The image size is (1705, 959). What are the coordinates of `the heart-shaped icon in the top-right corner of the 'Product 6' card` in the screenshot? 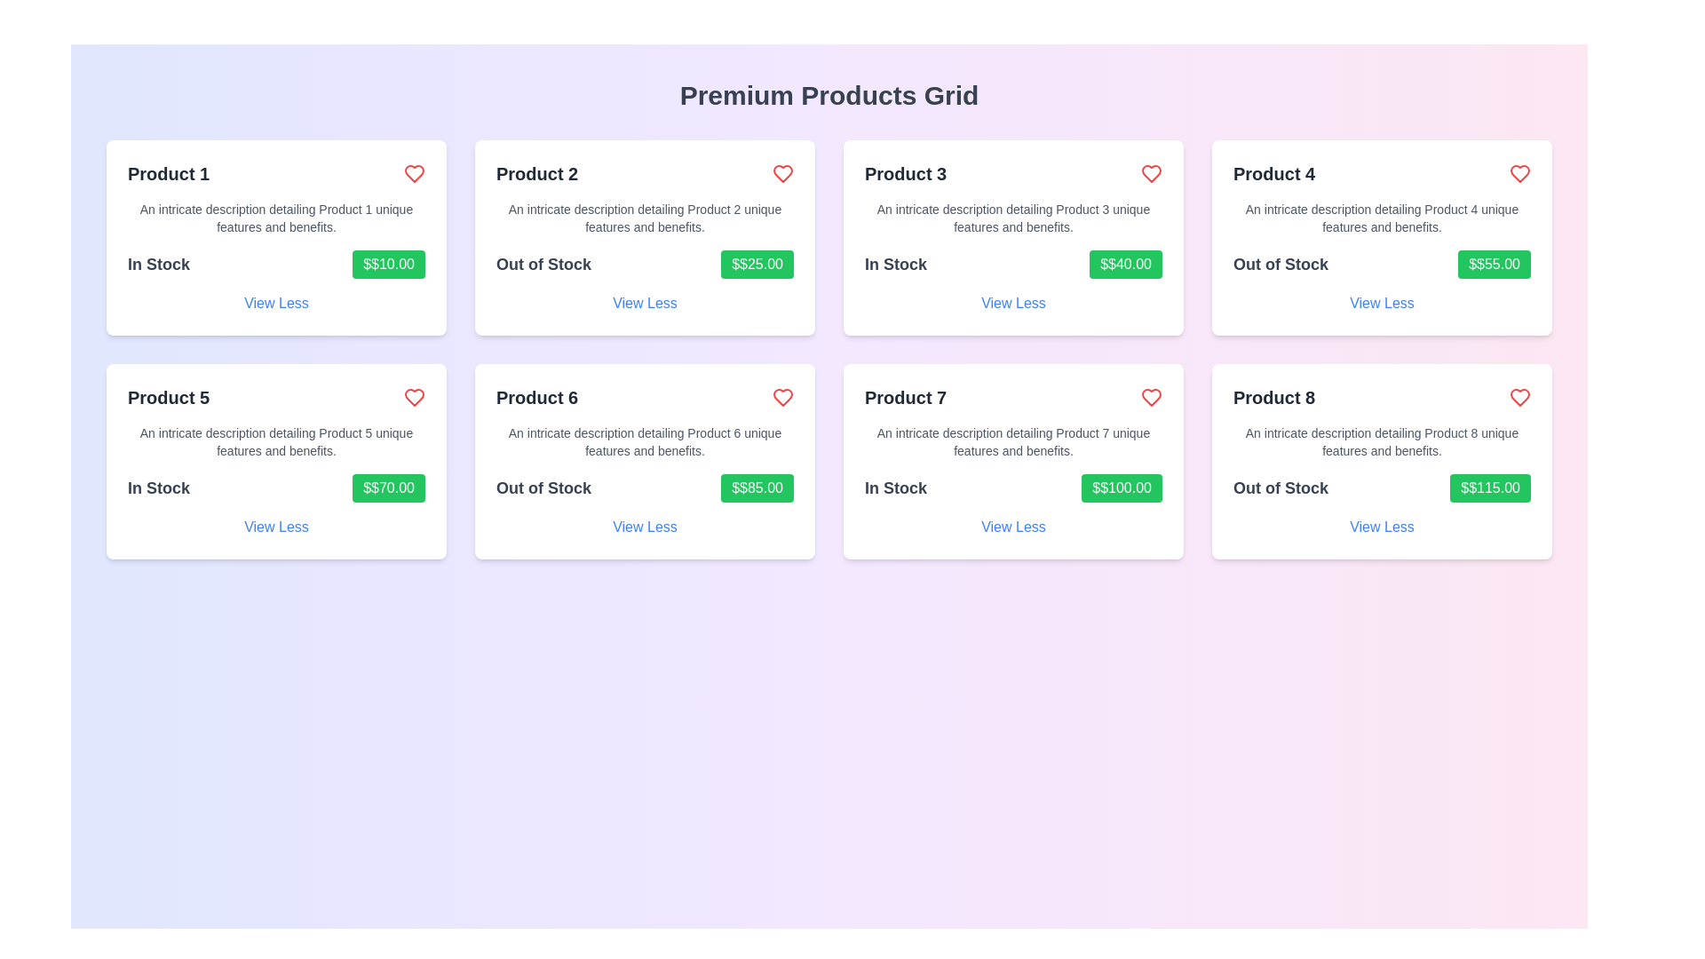 It's located at (782, 396).